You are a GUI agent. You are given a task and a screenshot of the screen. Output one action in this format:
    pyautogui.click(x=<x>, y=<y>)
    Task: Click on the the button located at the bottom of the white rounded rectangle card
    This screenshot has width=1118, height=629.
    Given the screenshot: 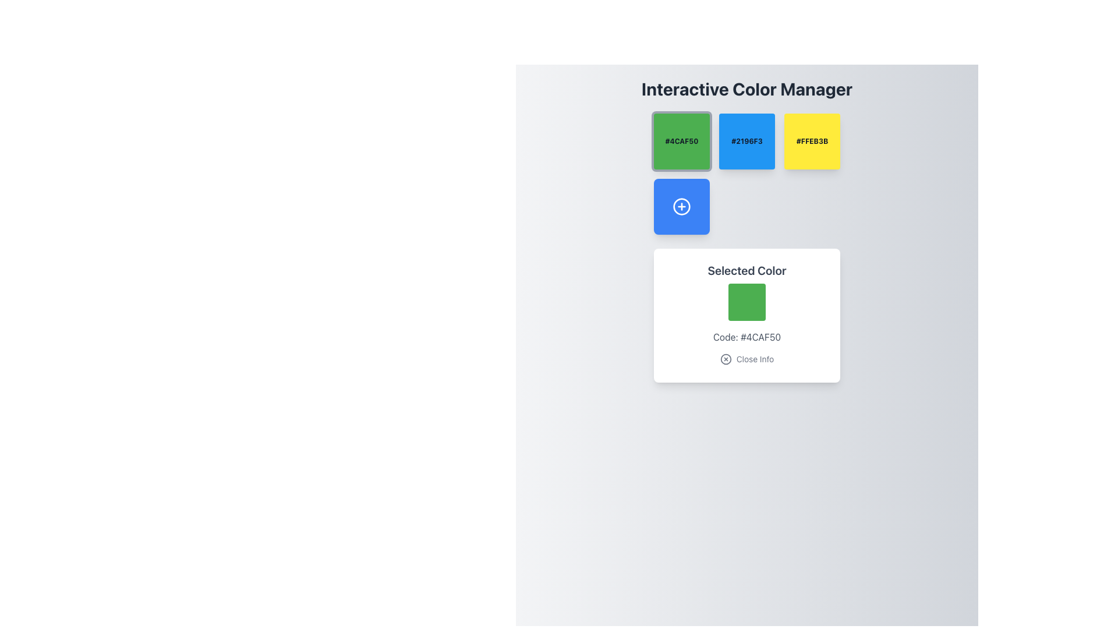 What is the action you would take?
    pyautogui.click(x=746, y=359)
    